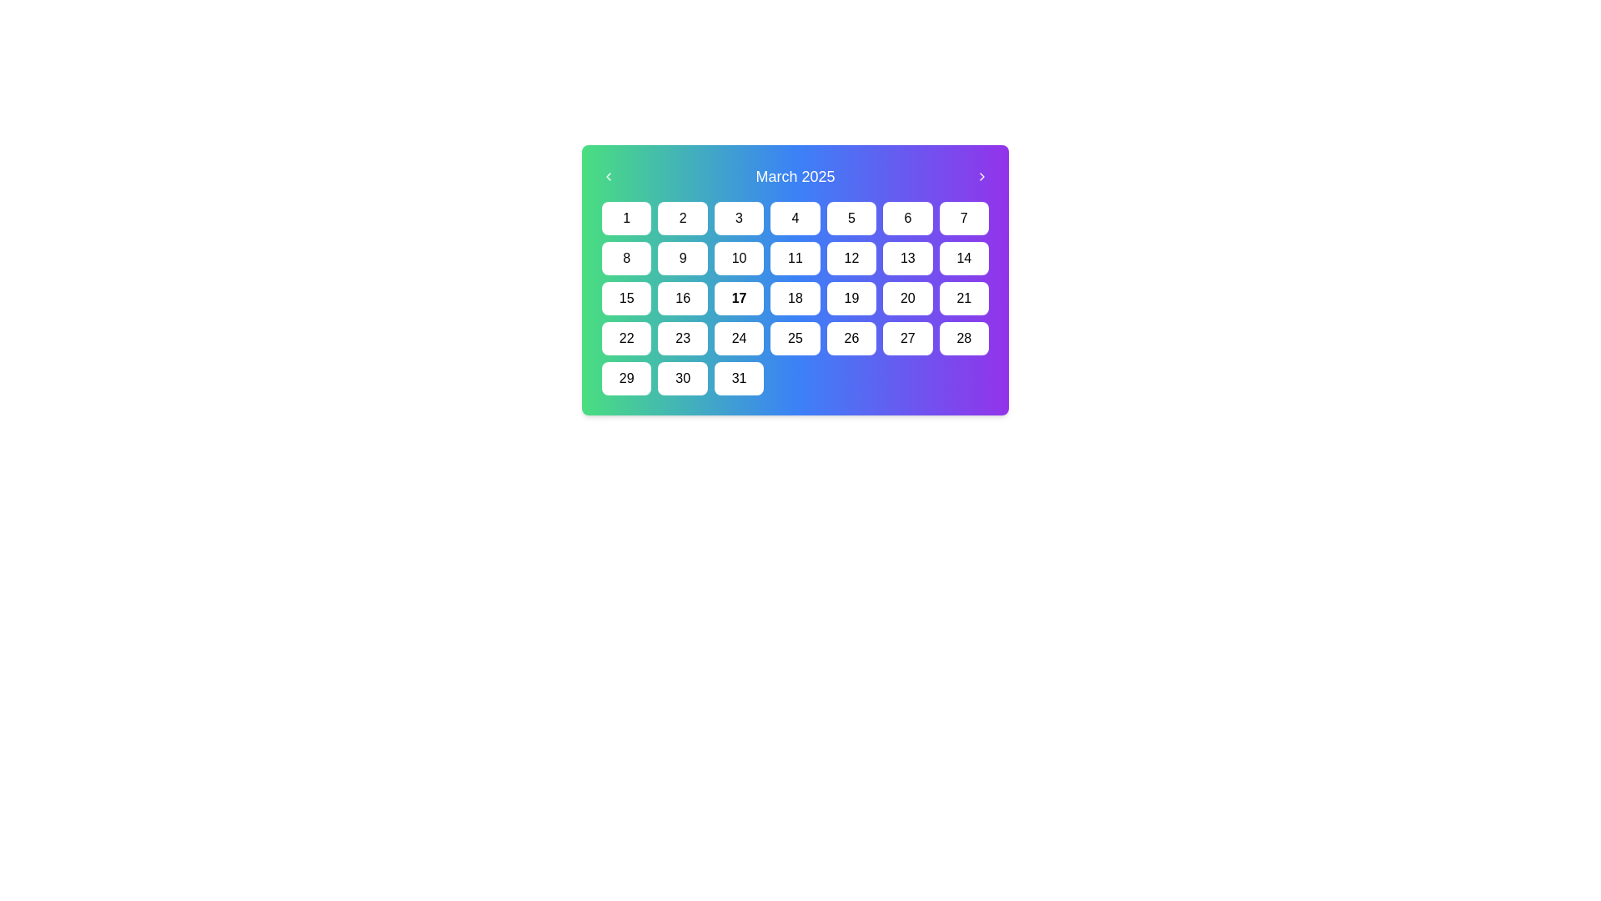 This screenshot has height=901, width=1601. What do you see at coordinates (851, 218) in the screenshot?
I see `the white rectangular button with rounded corners displaying the number '5' in bold black text` at bounding box center [851, 218].